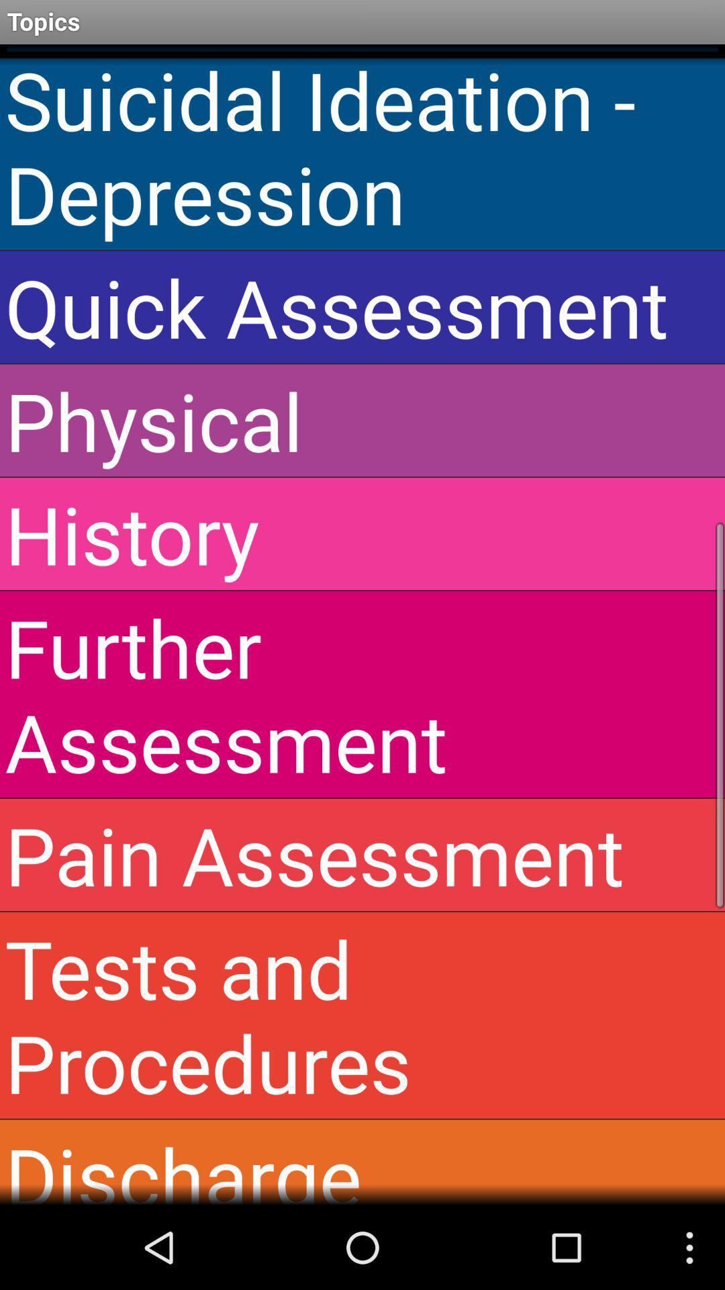 The height and width of the screenshot is (1290, 725). What do you see at coordinates (362, 533) in the screenshot?
I see `history icon` at bounding box center [362, 533].